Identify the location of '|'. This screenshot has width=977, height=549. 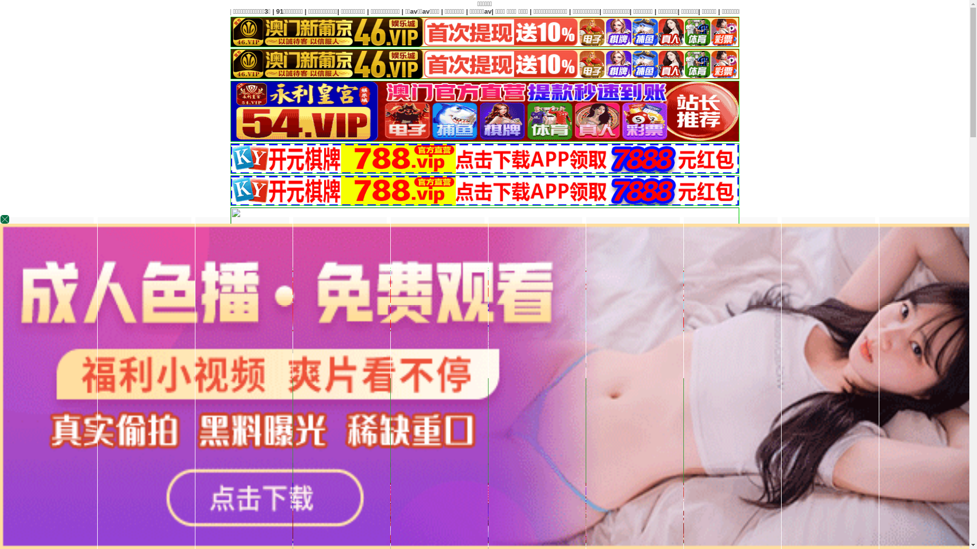
(620, 465).